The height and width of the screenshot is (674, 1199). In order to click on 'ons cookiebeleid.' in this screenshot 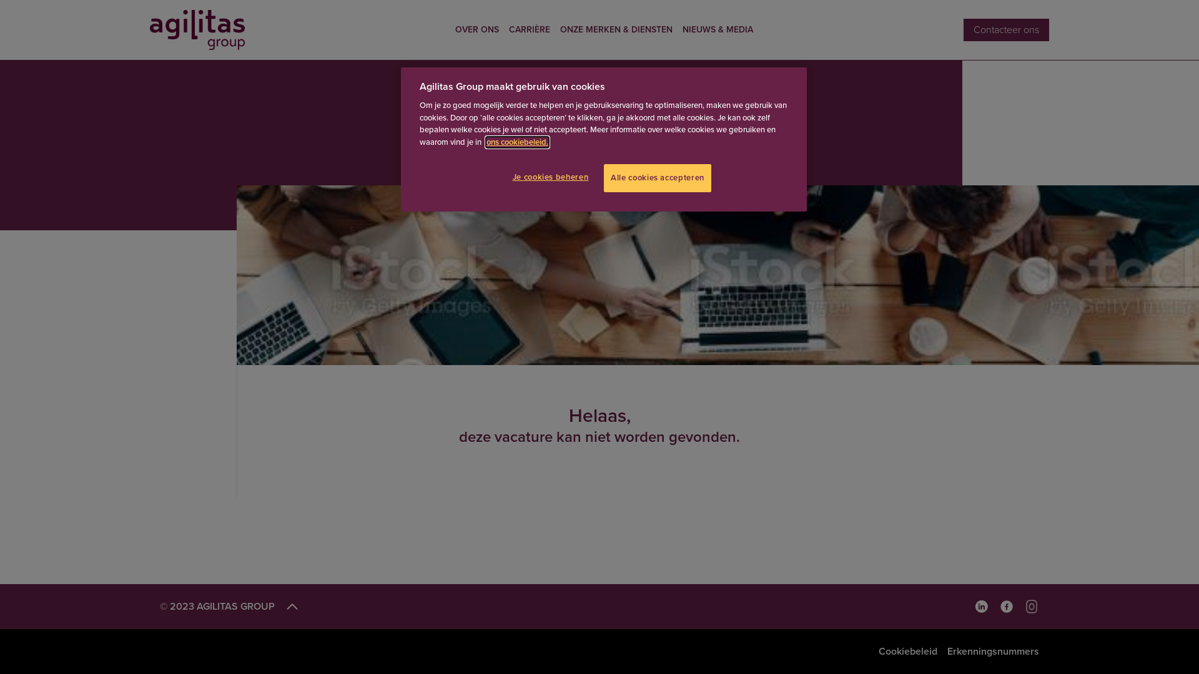, I will do `click(517, 141)`.